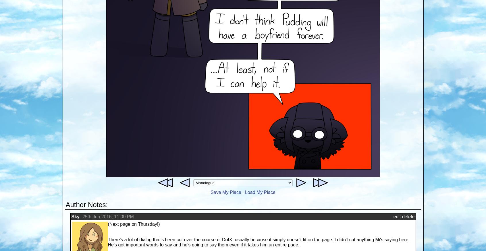 This screenshot has height=251, width=486. What do you see at coordinates (260, 192) in the screenshot?
I see `'Load My Place'` at bounding box center [260, 192].